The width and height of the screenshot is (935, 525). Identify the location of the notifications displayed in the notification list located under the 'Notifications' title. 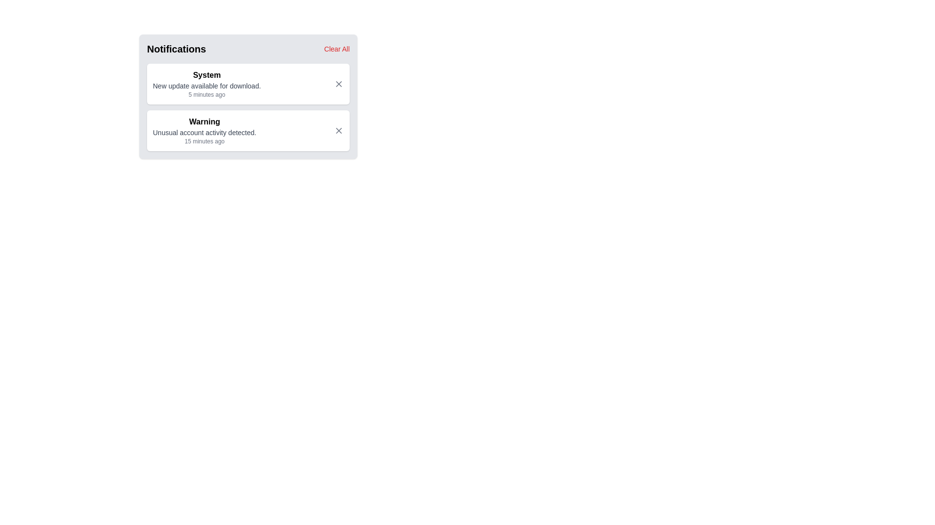
(248, 107).